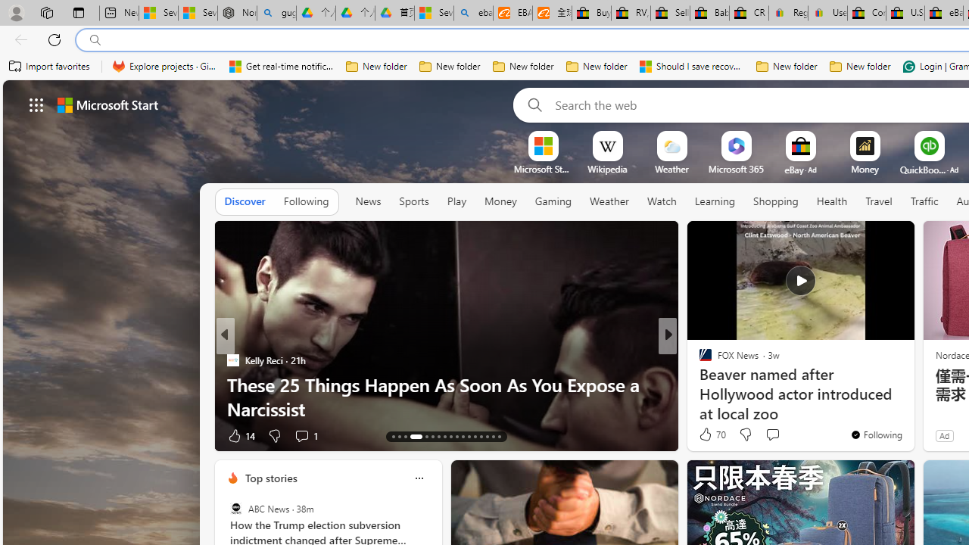  I want to click on '1k Like', so click(706, 435).